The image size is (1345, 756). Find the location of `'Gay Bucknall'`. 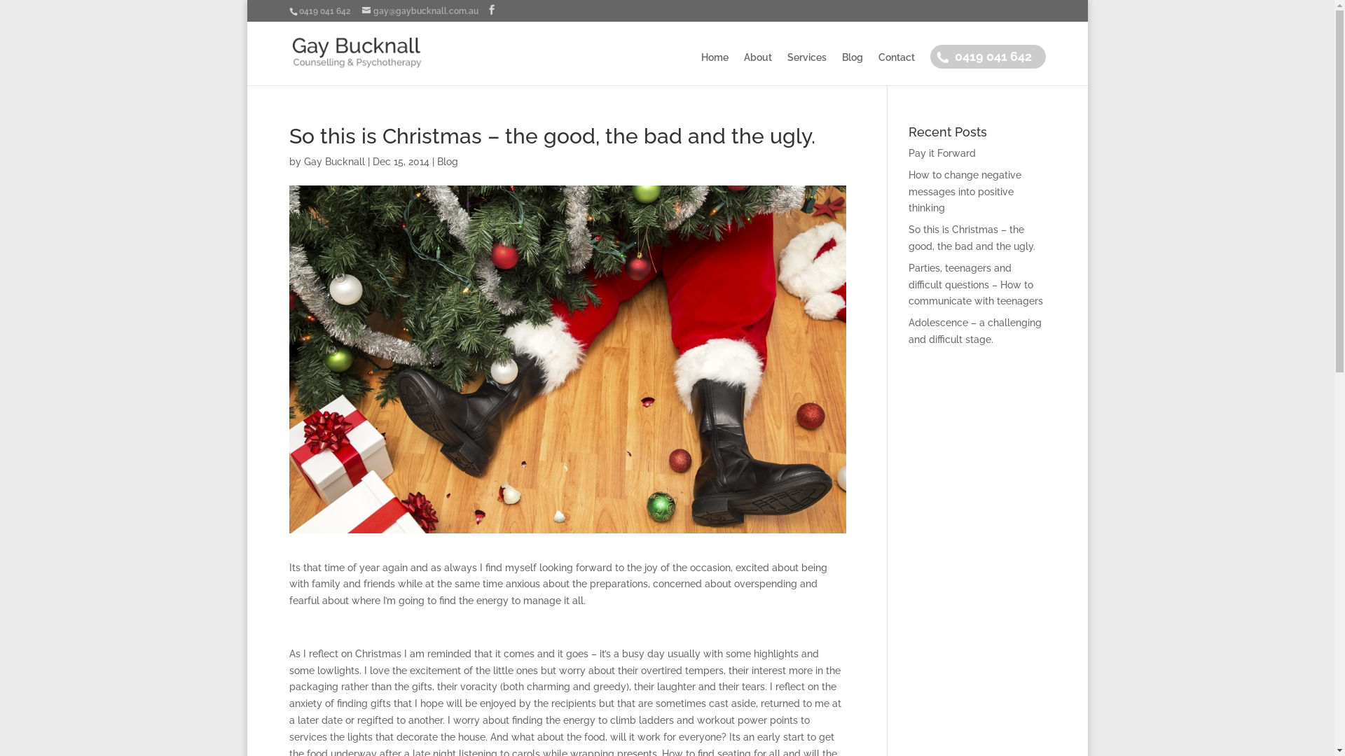

'Gay Bucknall' is located at coordinates (333, 161).